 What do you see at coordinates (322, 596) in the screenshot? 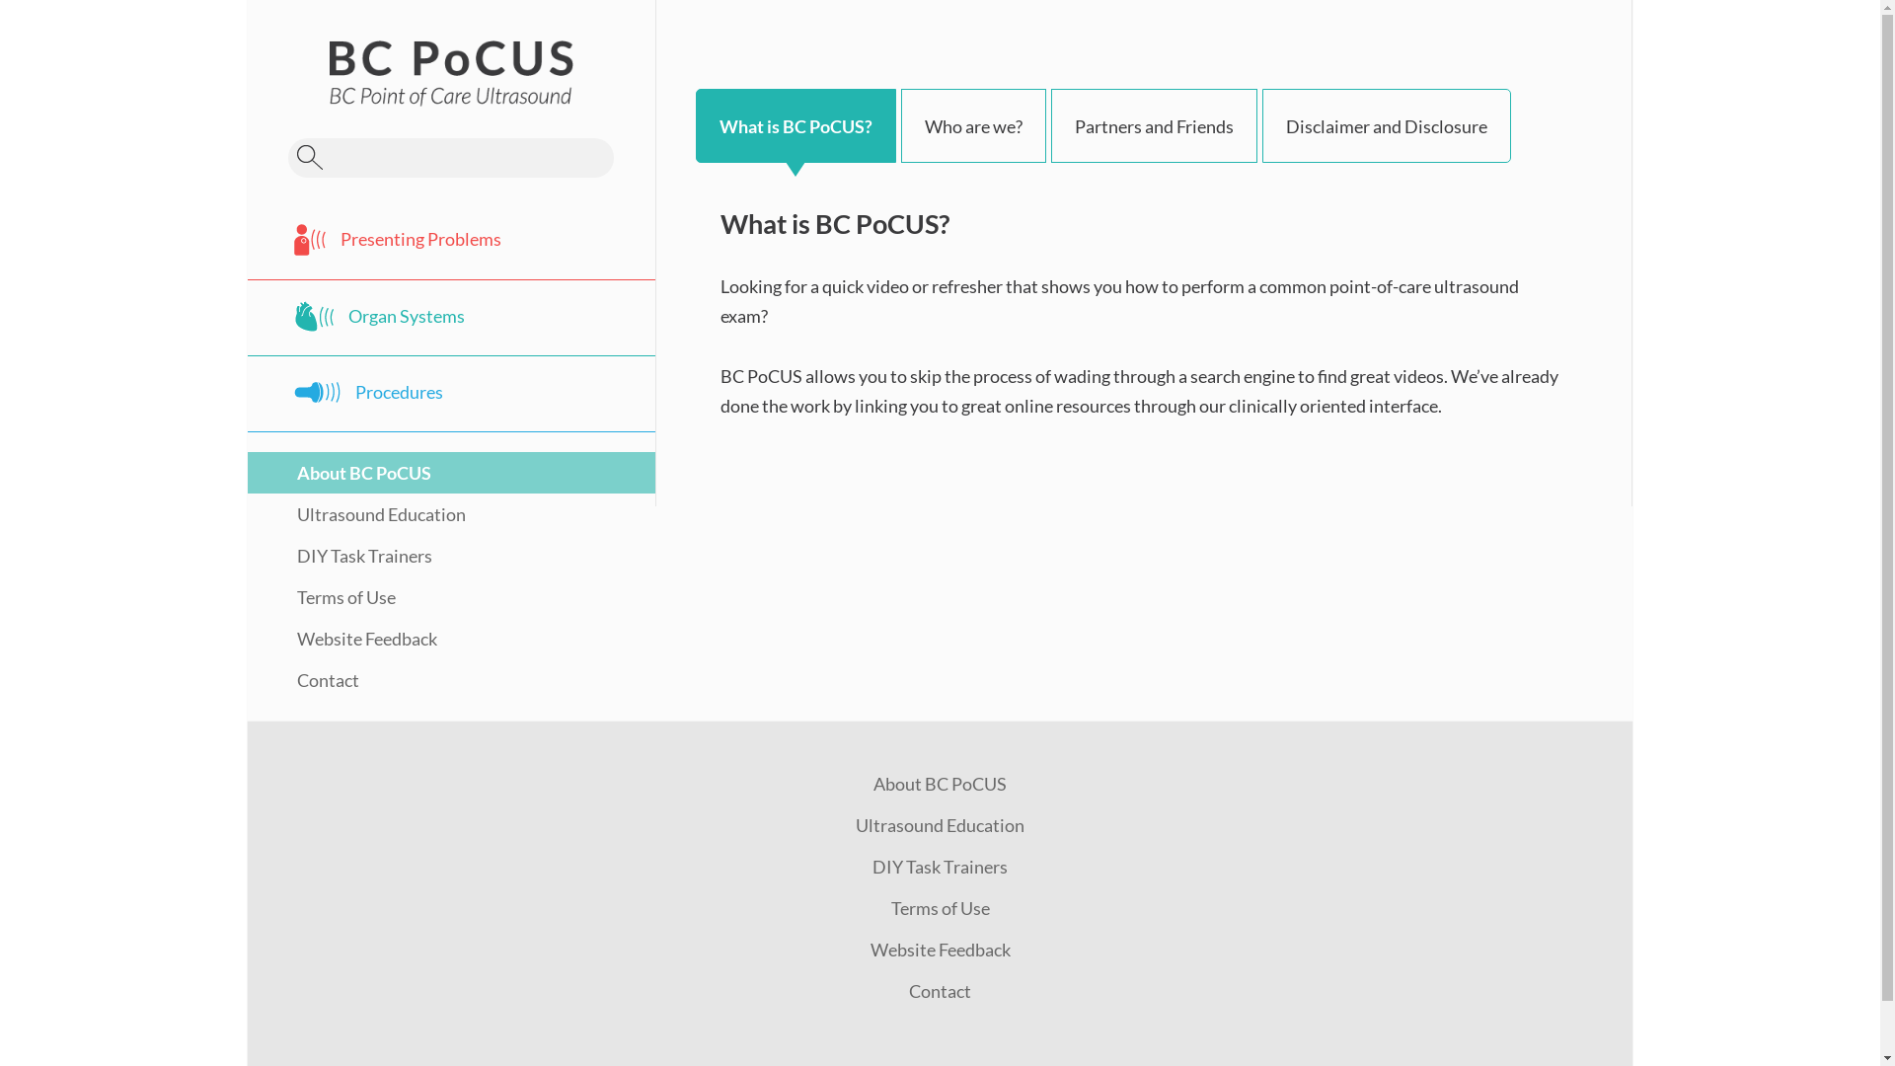
I see `'Terms of Use'` at bounding box center [322, 596].